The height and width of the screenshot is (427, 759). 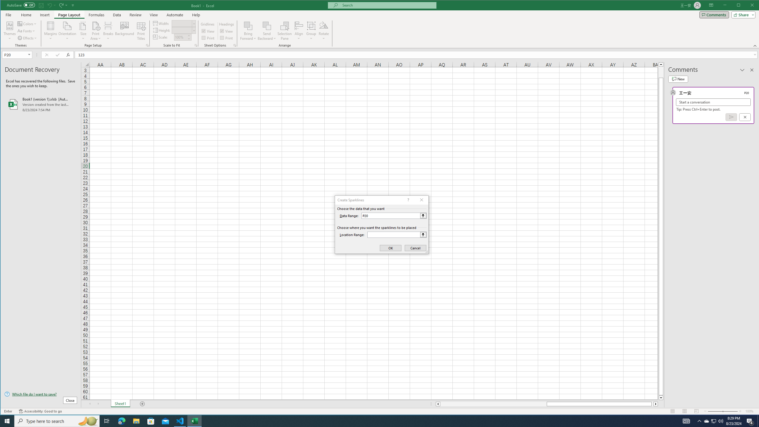 What do you see at coordinates (311, 31) in the screenshot?
I see `'Group'` at bounding box center [311, 31].